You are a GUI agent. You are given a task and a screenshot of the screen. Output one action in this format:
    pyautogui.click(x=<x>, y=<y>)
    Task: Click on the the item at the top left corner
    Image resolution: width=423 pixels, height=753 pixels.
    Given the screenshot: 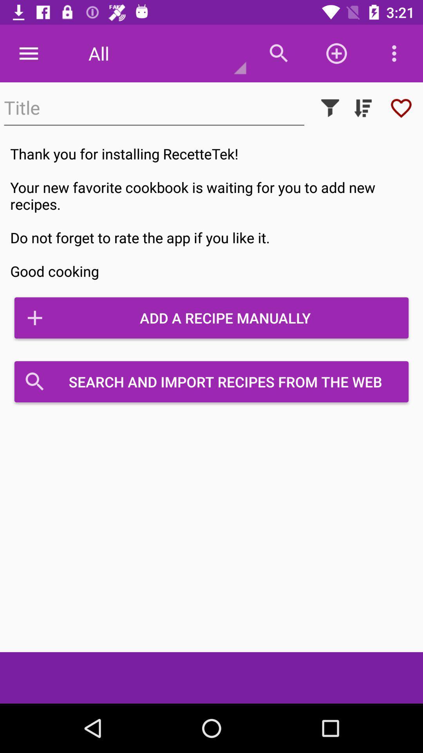 What is the action you would take?
    pyautogui.click(x=28, y=53)
    